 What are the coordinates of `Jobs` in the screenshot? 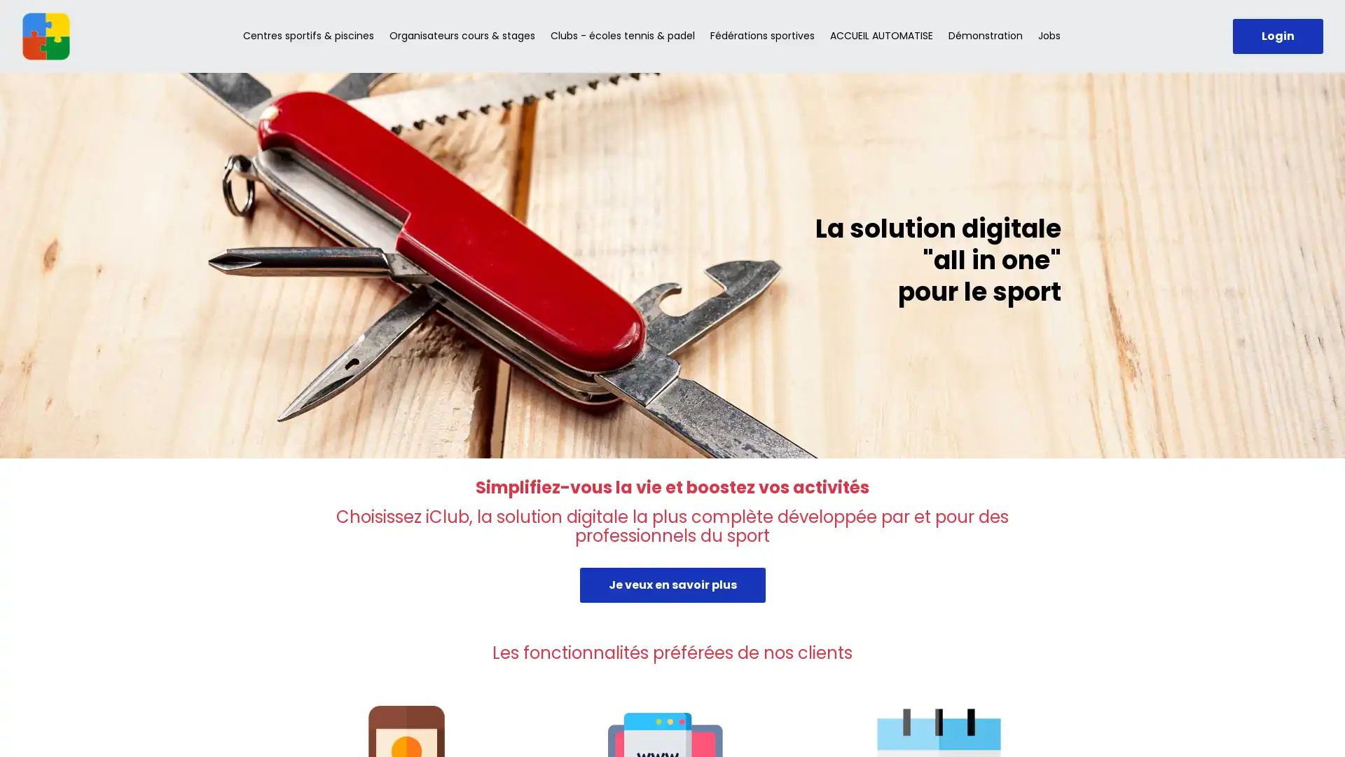 It's located at (1049, 35).